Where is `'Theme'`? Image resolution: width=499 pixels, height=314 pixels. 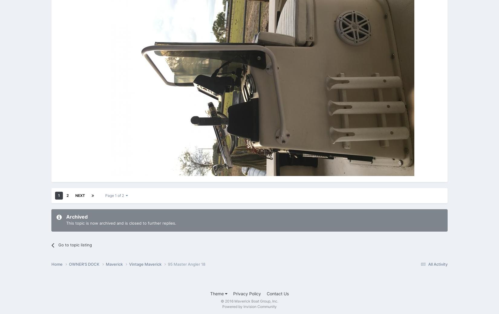 'Theme' is located at coordinates (217, 293).